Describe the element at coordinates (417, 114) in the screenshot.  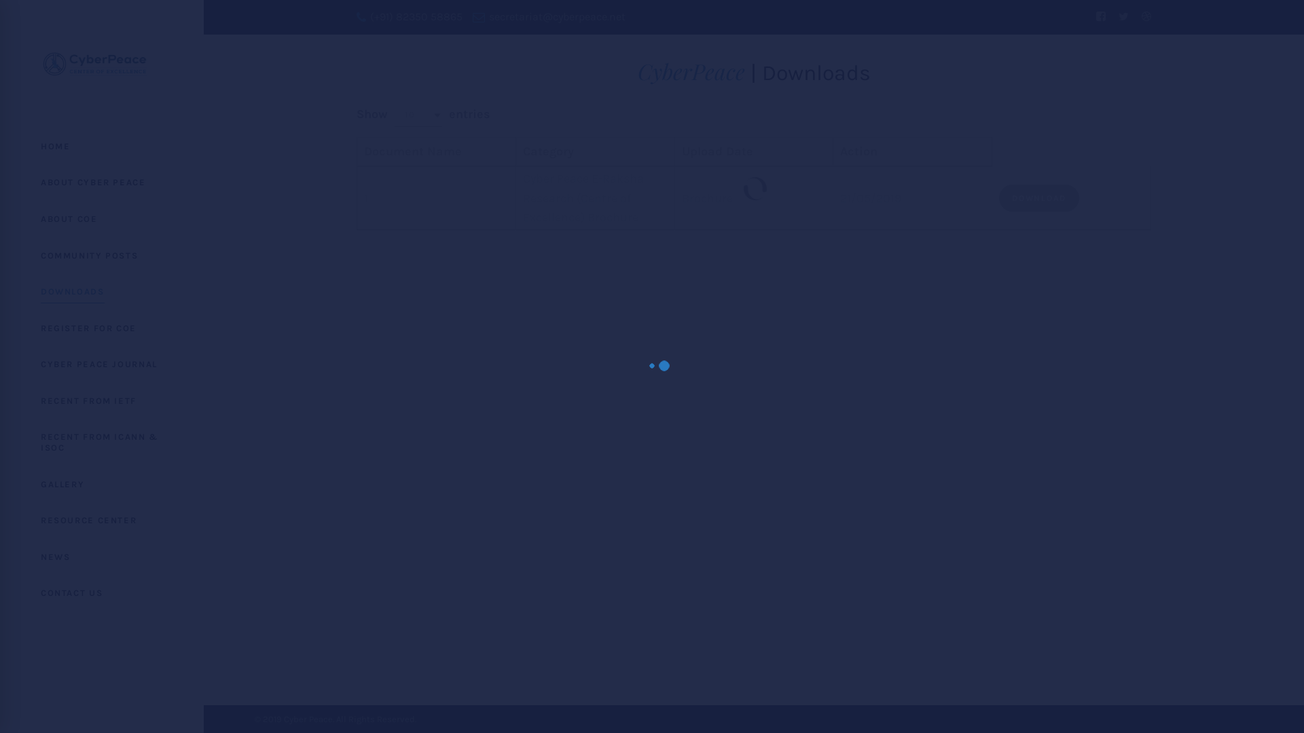
I see `'10` at that location.